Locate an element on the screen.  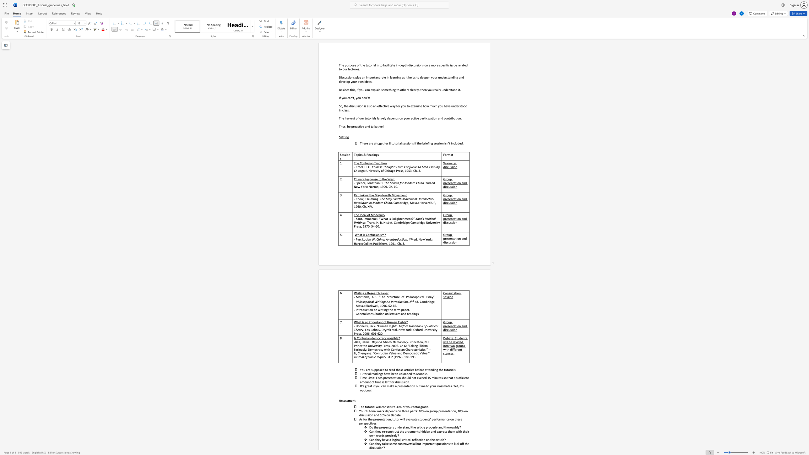
the subset text "entation and d" within the text "Group presentation and discussion" is located at coordinates (449, 183).